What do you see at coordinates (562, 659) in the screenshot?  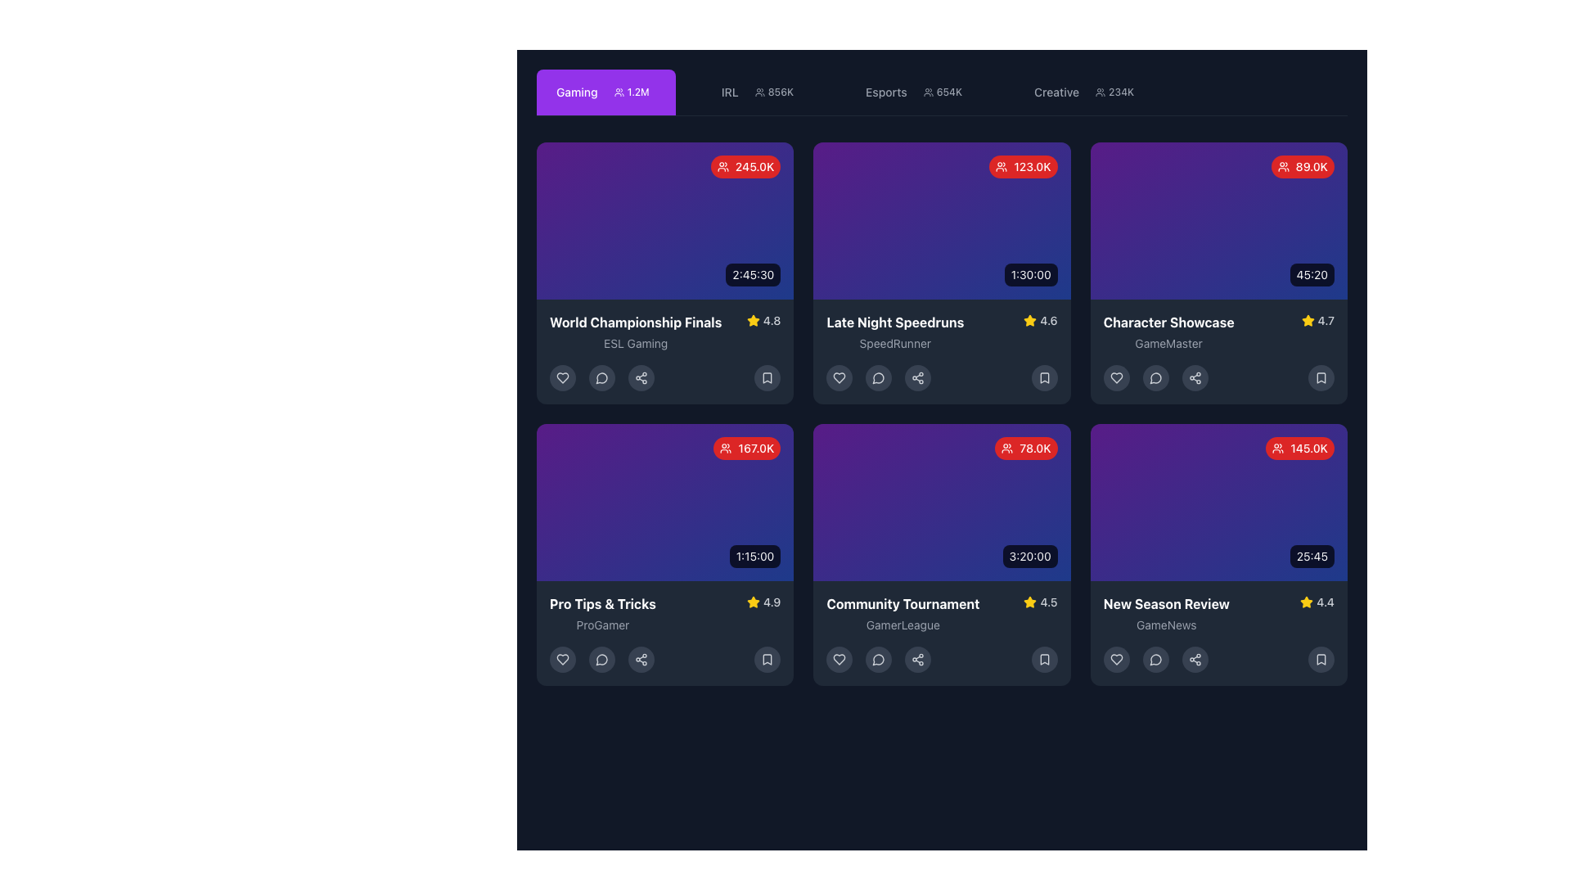 I see `the first Icon Button in the bottom action bar of the second tile from the left in the bottom-most row of the grid layout via keyboard navigation` at bounding box center [562, 659].